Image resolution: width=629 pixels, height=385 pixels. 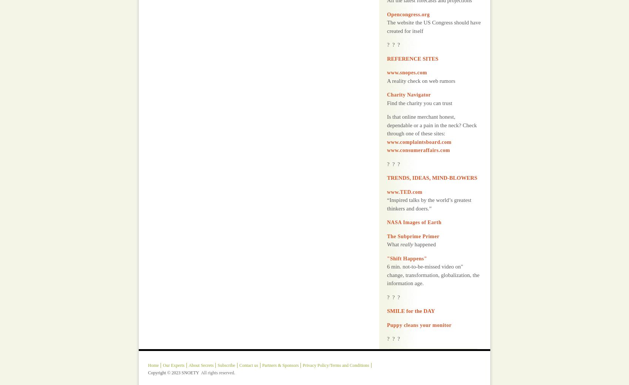 I want to click on 'Home', so click(x=153, y=346).